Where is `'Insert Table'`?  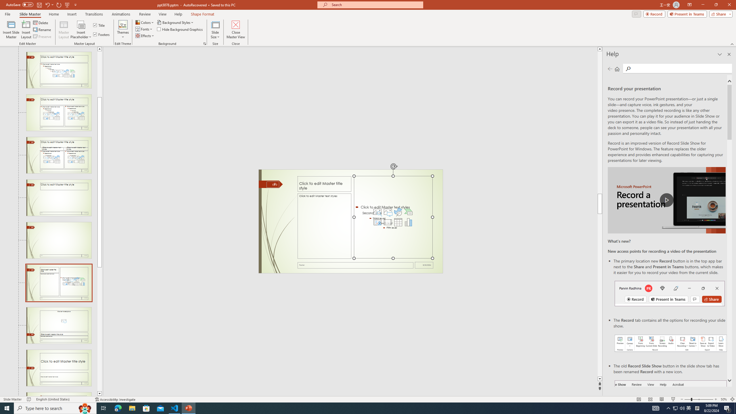
'Insert Table' is located at coordinates (398, 222).